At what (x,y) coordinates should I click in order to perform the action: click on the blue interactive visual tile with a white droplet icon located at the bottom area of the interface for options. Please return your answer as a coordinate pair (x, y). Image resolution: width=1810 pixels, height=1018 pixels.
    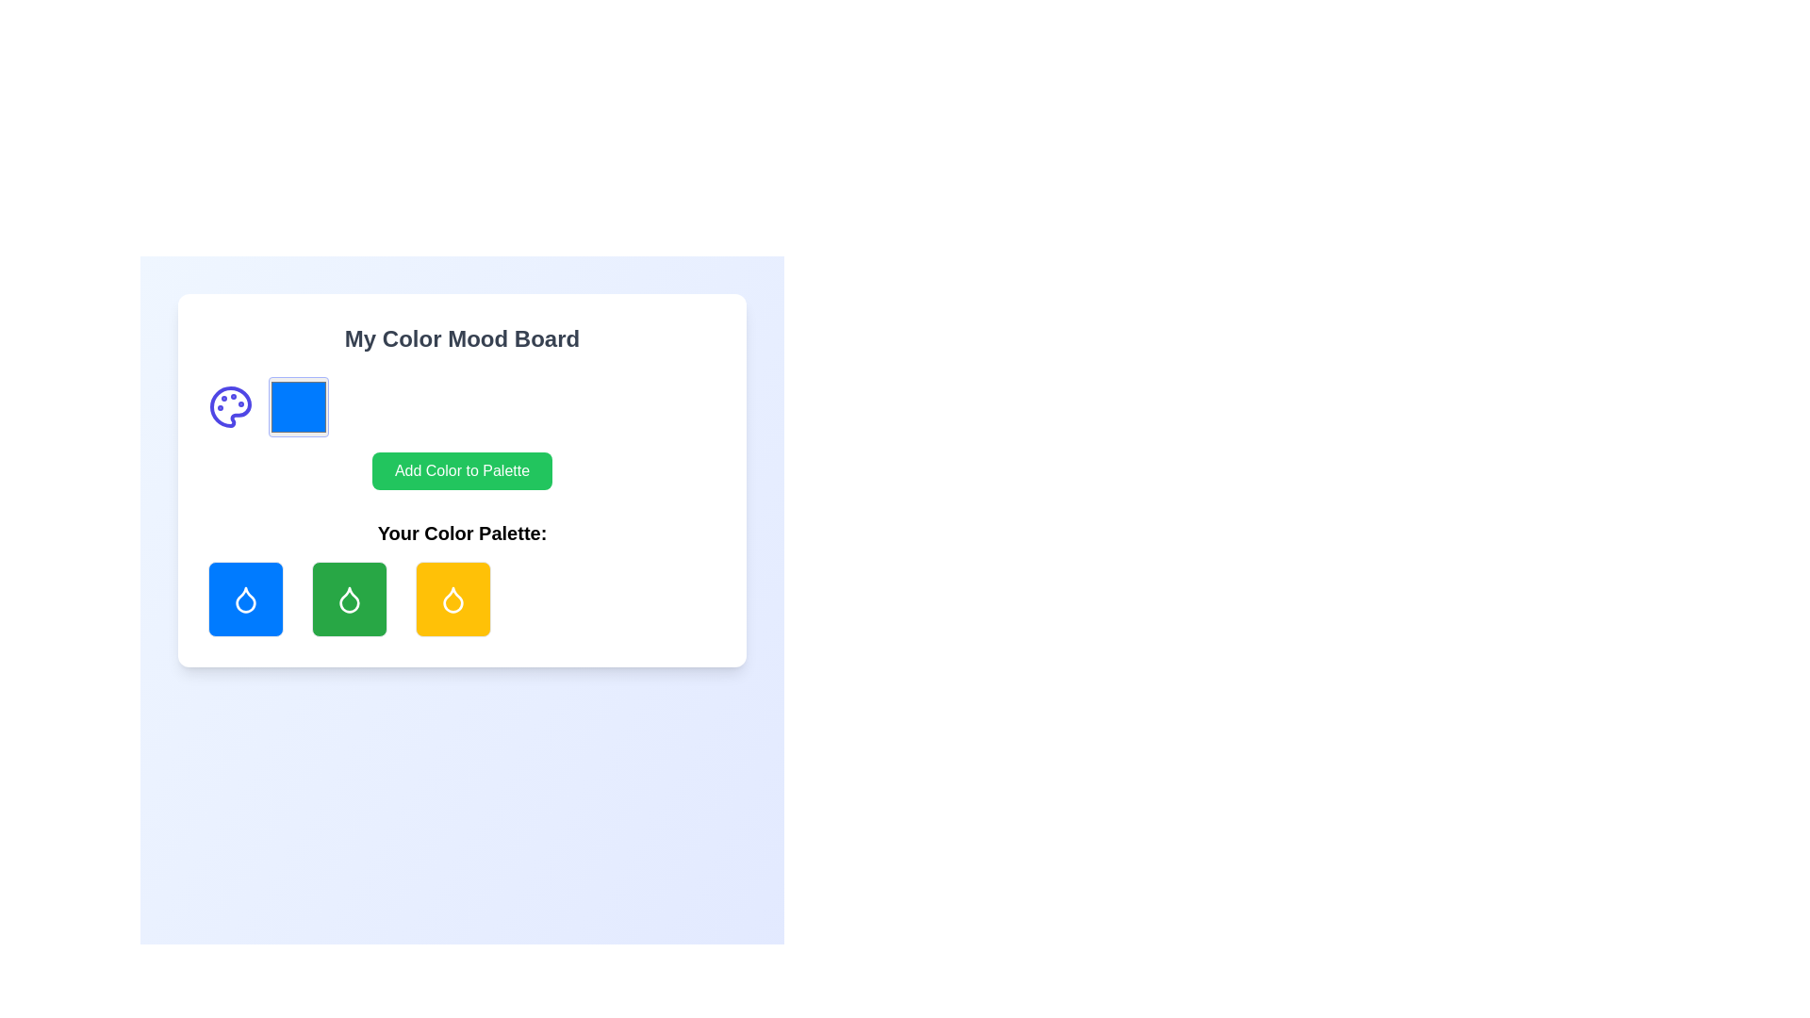
    Looking at the image, I should click on (244, 599).